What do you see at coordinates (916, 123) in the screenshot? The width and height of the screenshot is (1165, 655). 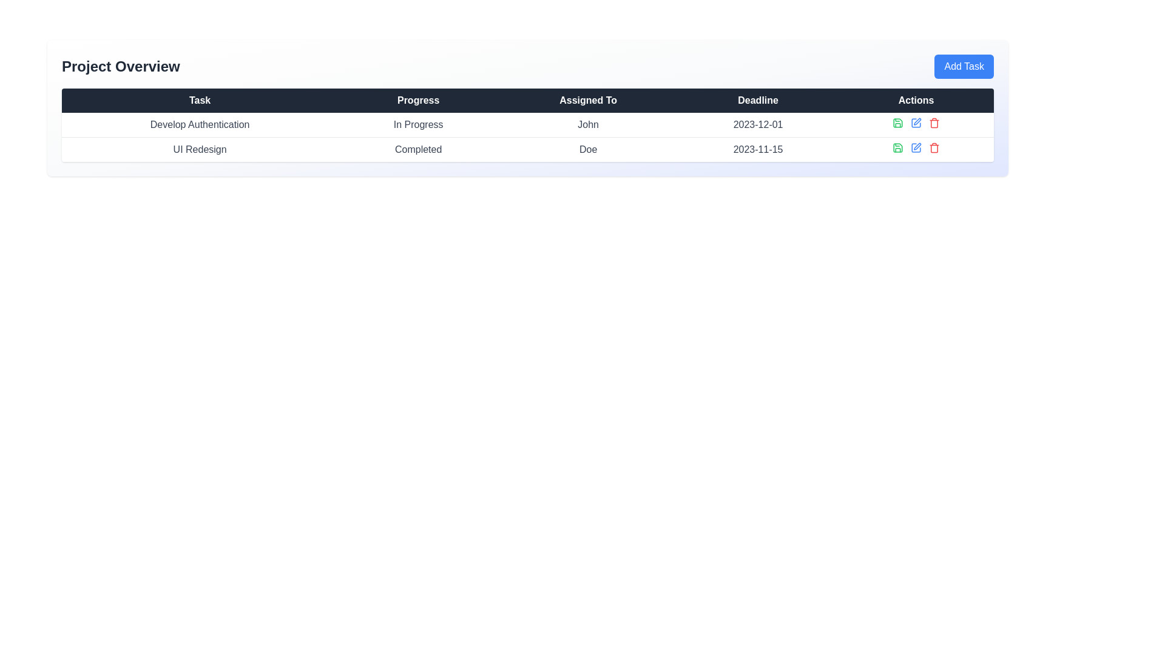 I see `the edit button icon in the 'Actions' row of the 'Project Overview' interface for the task 'Develop Authentication' to possibly reveal a tooltip` at bounding box center [916, 123].